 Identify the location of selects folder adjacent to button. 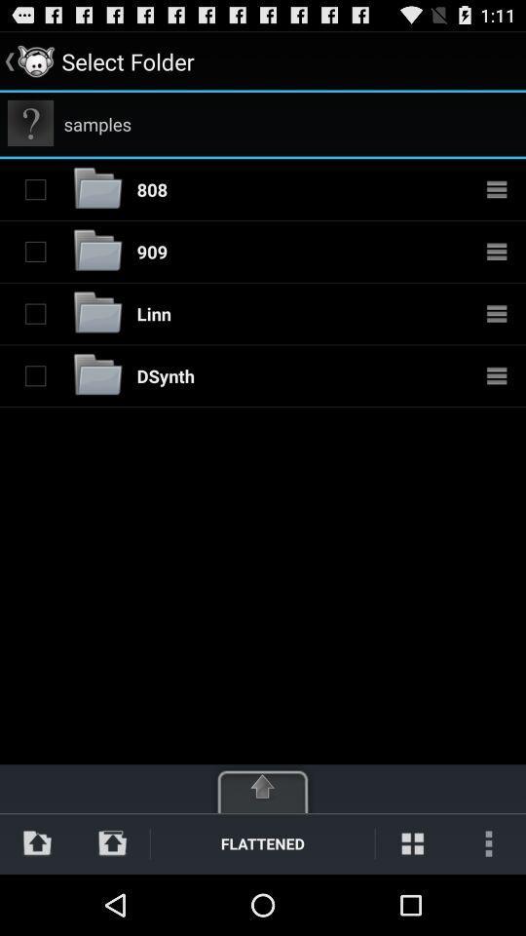
(35, 251).